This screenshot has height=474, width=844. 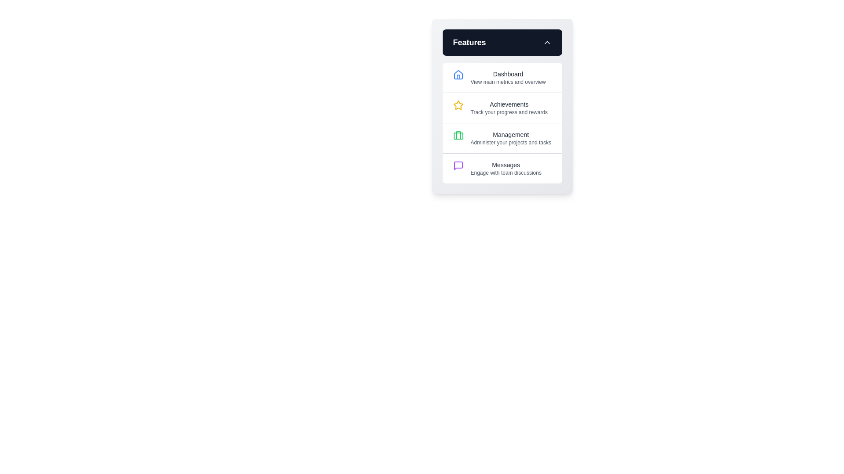 What do you see at coordinates (458, 74) in the screenshot?
I see `details of the blue house-shaped icon representing the 'Dashboard' in the sidebar menu` at bounding box center [458, 74].